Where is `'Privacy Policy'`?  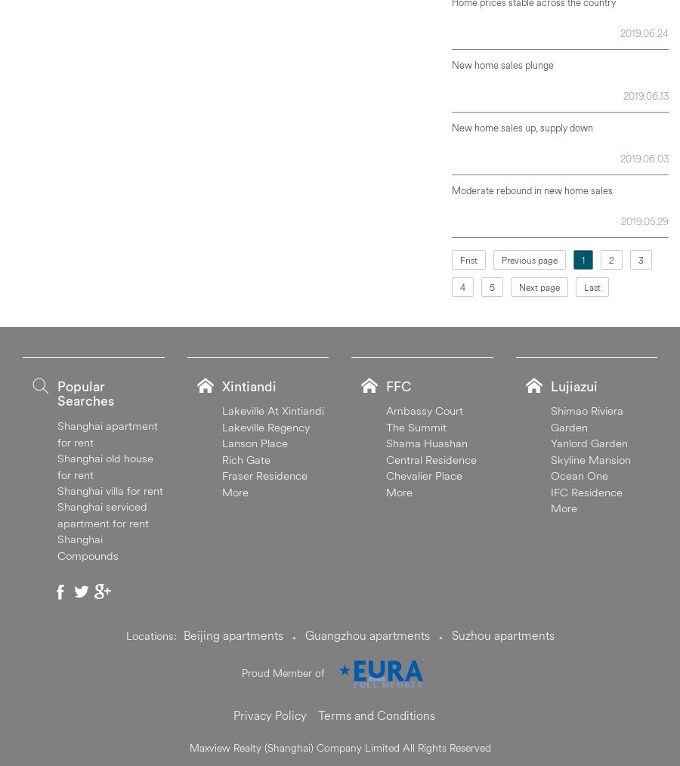
'Privacy Policy' is located at coordinates (270, 714).